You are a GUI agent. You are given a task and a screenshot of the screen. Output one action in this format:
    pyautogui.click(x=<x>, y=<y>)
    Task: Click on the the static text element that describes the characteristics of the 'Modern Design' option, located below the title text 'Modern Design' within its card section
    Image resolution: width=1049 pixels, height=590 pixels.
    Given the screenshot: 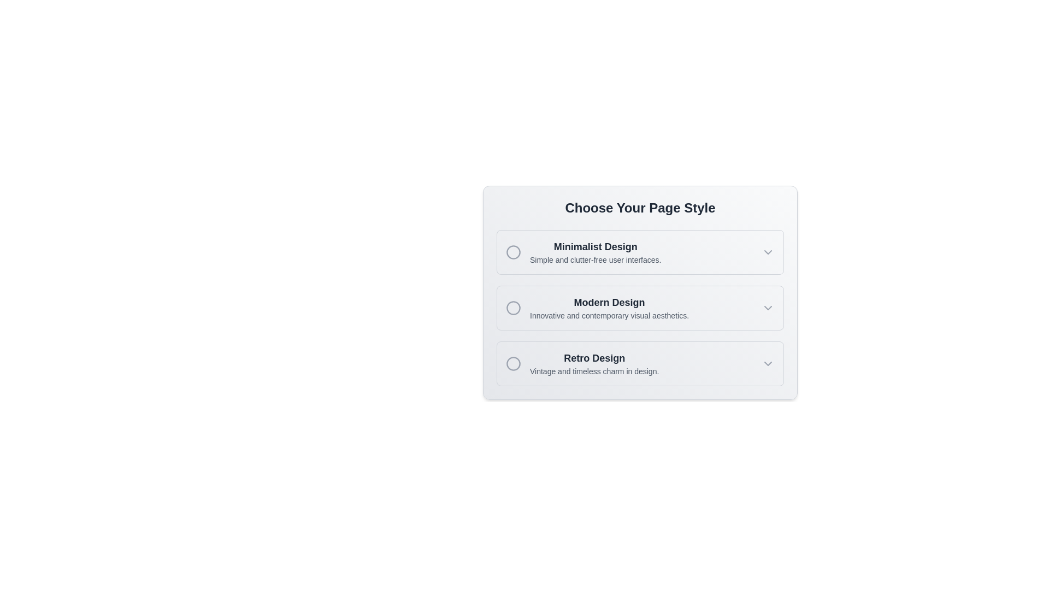 What is the action you would take?
    pyautogui.click(x=609, y=316)
    